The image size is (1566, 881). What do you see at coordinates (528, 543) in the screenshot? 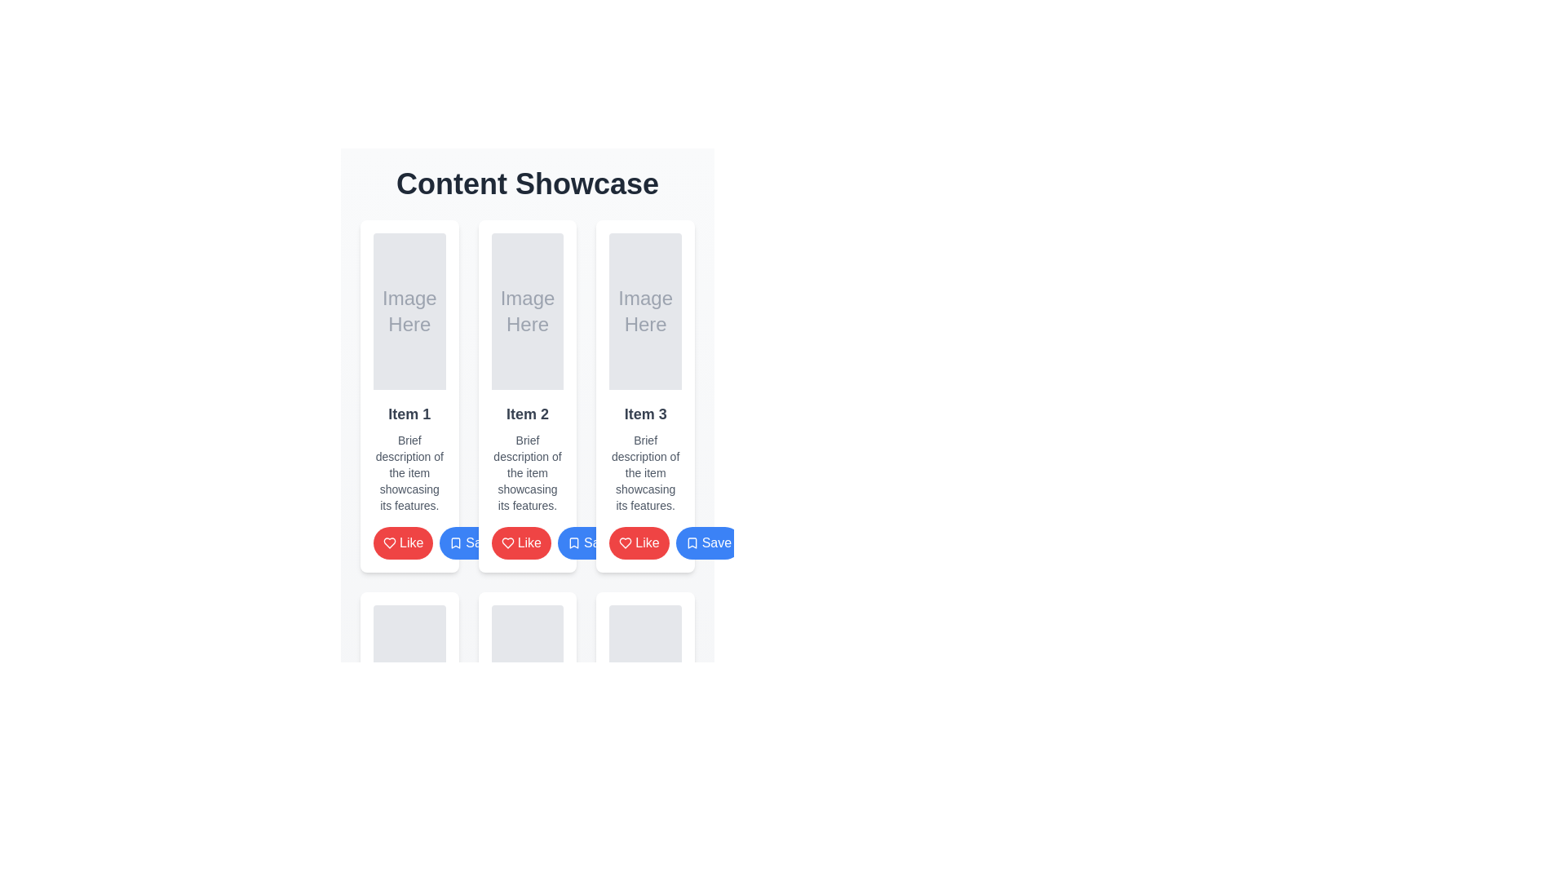
I see `the 'Like' button located in the bottom section of the card labeled 'Item 2'` at bounding box center [528, 543].